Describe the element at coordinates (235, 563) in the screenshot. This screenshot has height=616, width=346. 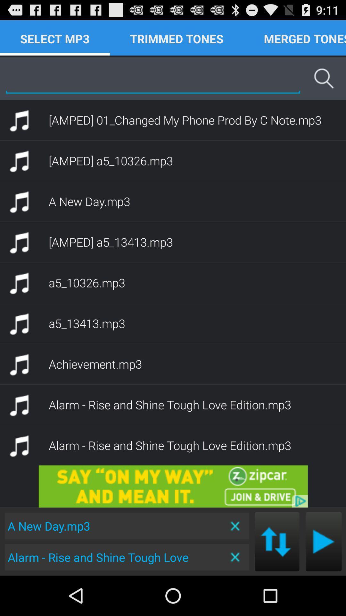
I see `the close icon` at that location.